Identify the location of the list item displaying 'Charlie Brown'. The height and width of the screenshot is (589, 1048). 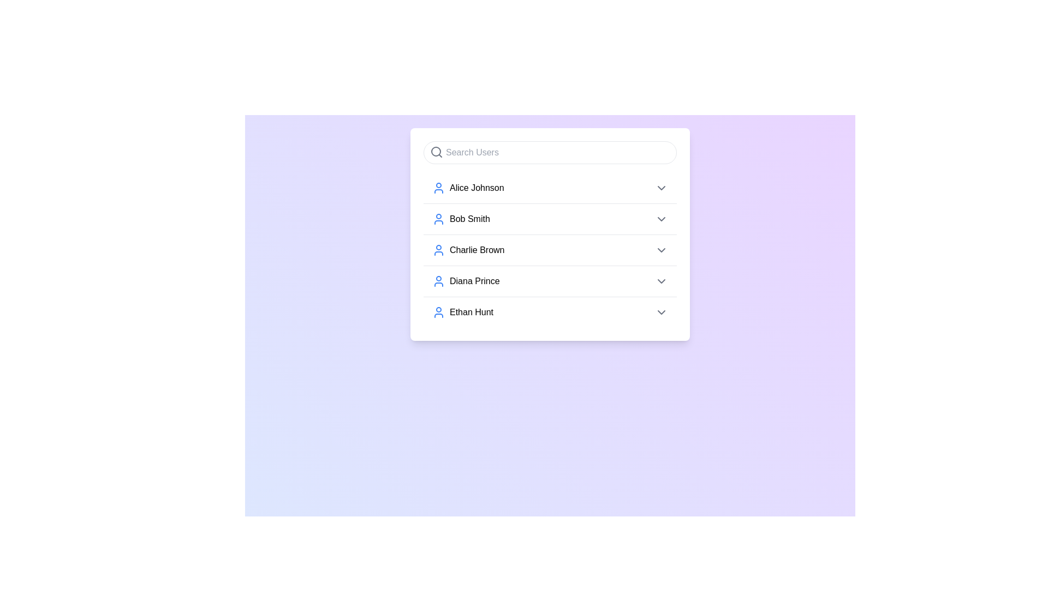
(550, 250).